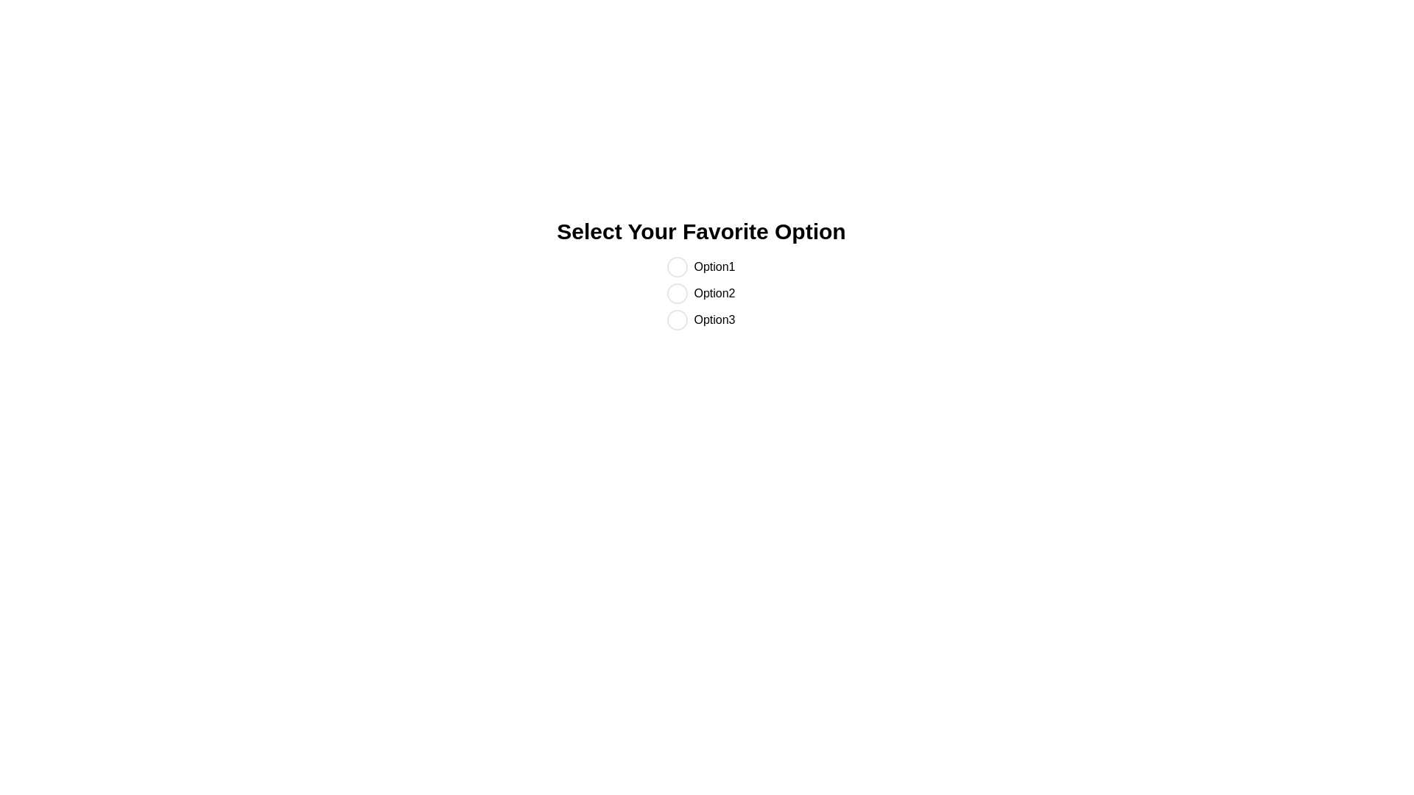 The height and width of the screenshot is (795, 1414). What do you see at coordinates (700, 266) in the screenshot?
I see `the radio button labeled 'Option1', which is the first selectable option directly below the title 'Select Your Favorite Option'` at bounding box center [700, 266].